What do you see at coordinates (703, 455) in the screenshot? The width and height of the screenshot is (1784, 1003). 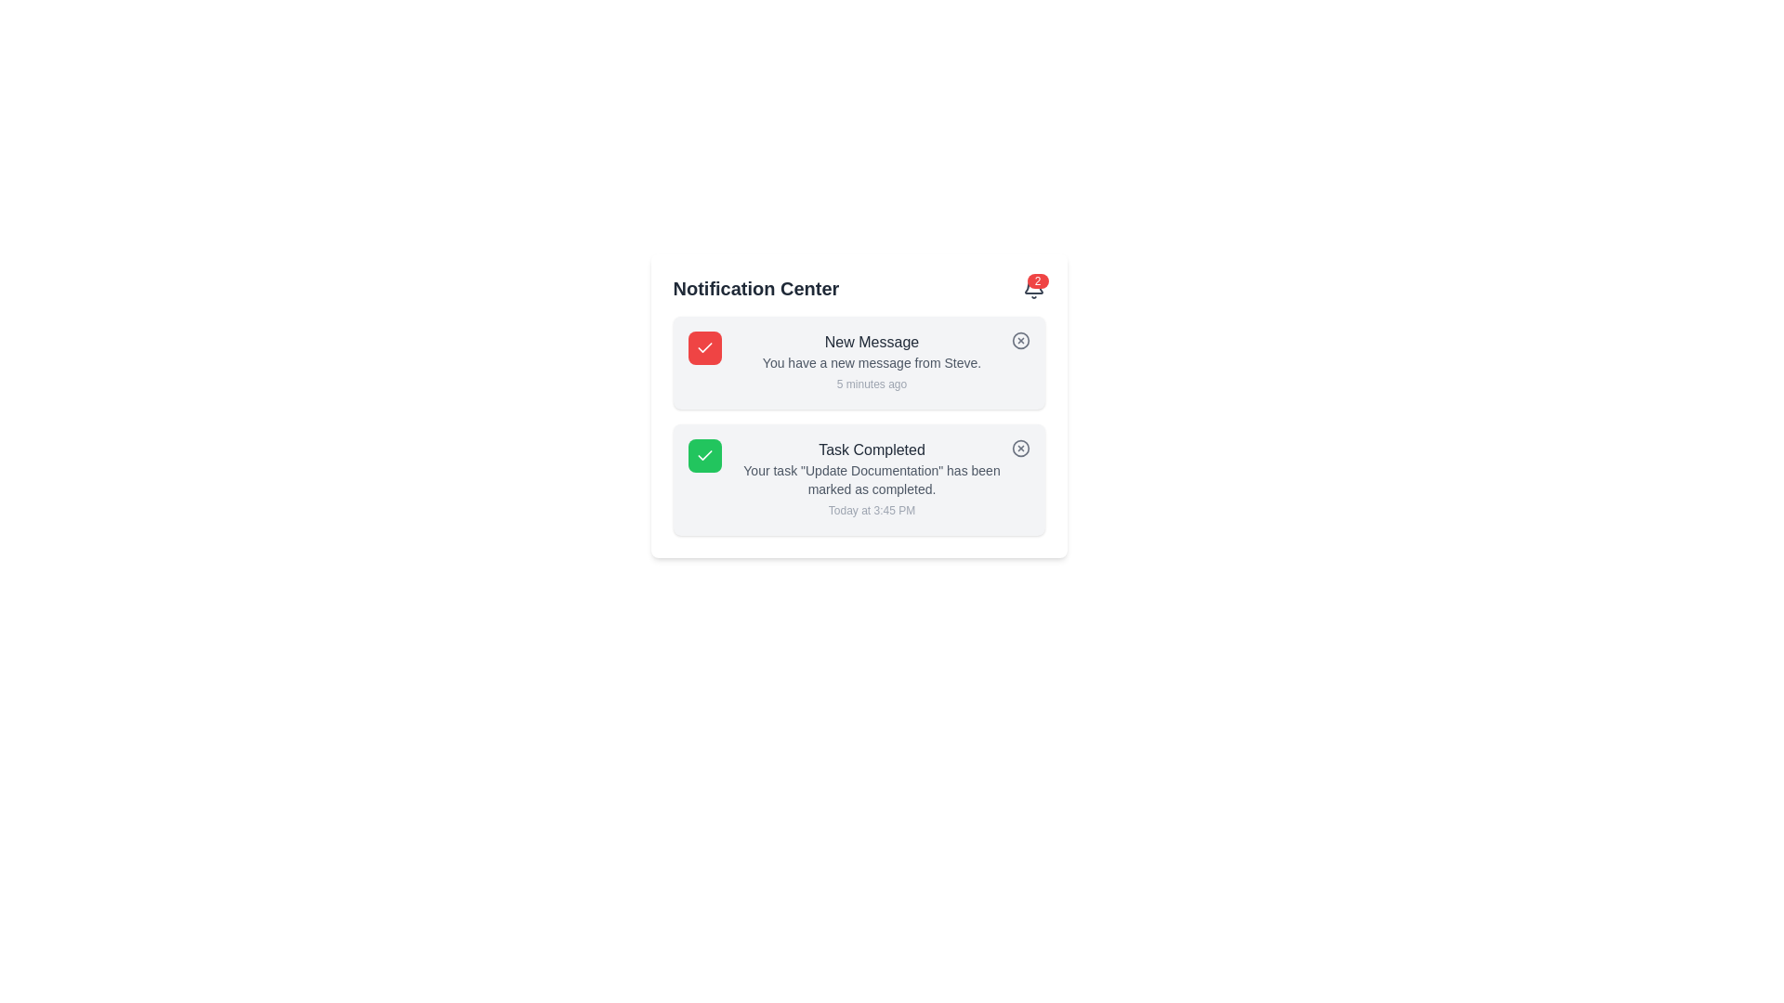 I see `the status indicator icon located in the top-left corner of the second notification box for the 'Task Completed' notification` at bounding box center [703, 455].